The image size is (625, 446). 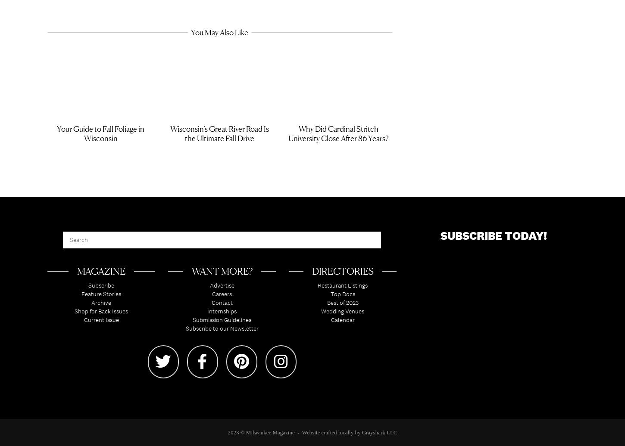 What do you see at coordinates (88, 288) in the screenshot?
I see `'Subscribe'` at bounding box center [88, 288].